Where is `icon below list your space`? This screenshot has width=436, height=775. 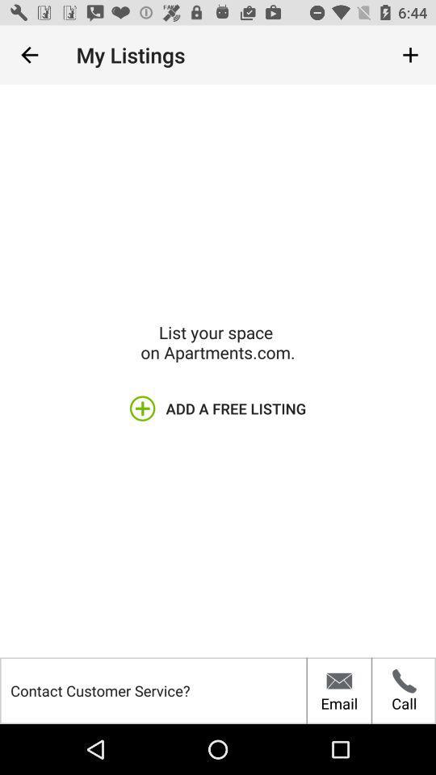 icon below list your space is located at coordinates (218, 408).